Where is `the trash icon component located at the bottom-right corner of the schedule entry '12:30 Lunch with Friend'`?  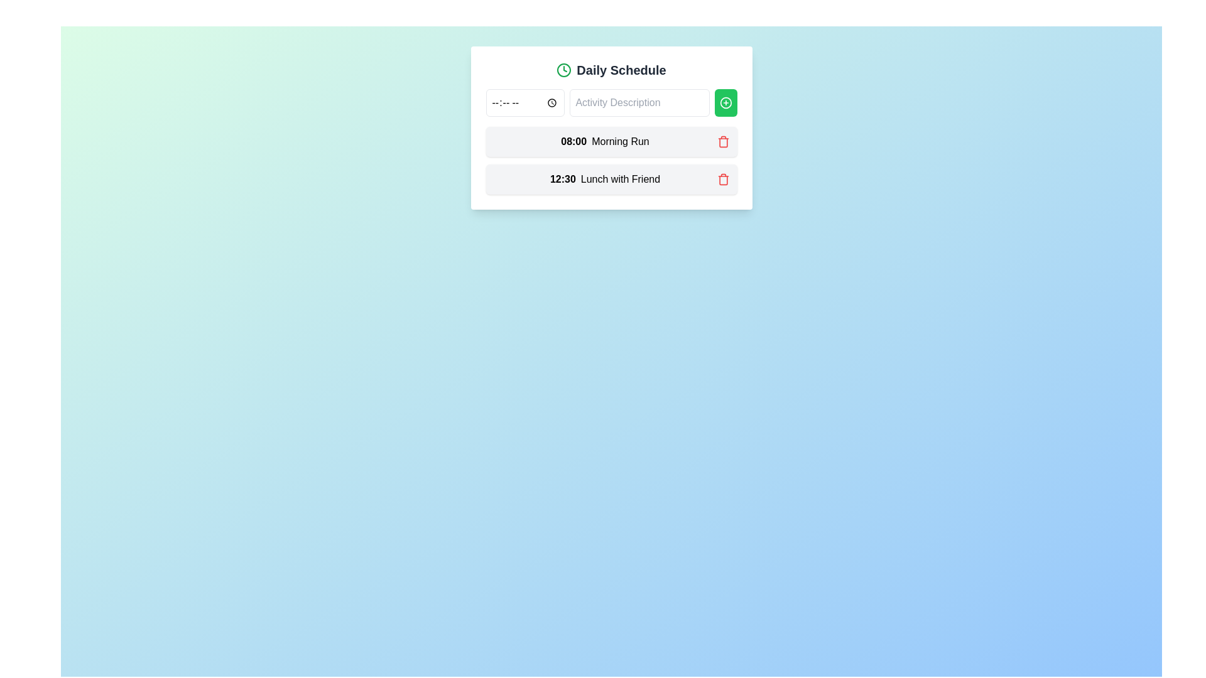
the trash icon component located at the bottom-right corner of the schedule entry '12:30 Lunch with Friend' is located at coordinates (723, 142).